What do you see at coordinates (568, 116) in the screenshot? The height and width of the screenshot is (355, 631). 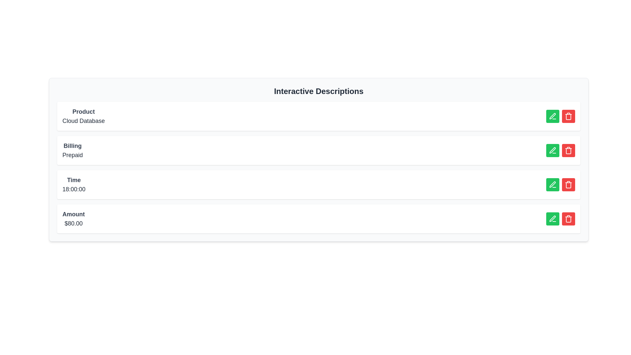 I see `the delete button, which is the second button in a group of two located on the right-hand side of each row` at bounding box center [568, 116].